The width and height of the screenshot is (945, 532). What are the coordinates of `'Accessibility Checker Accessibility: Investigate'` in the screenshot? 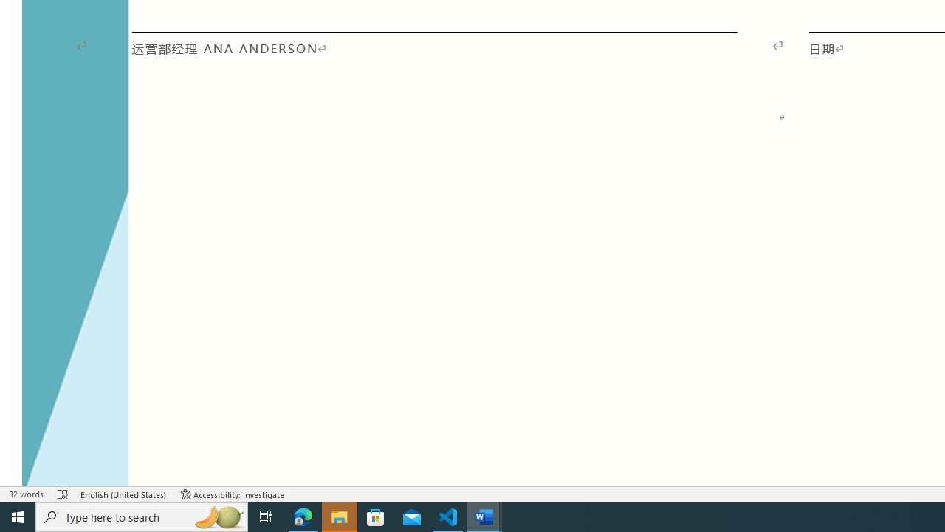 It's located at (232, 494).